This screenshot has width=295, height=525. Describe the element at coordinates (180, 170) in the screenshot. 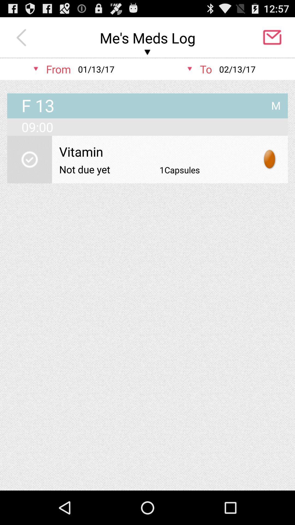

I see `1capsules app` at that location.